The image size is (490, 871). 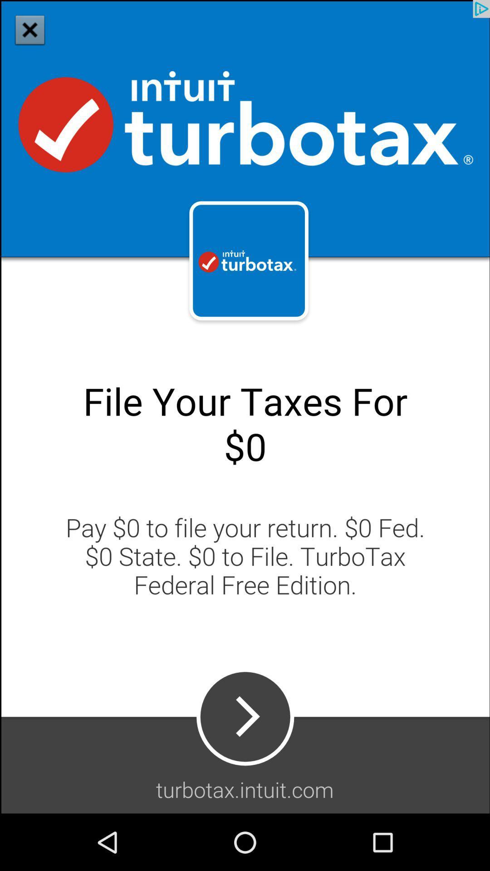 I want to click on the close icon, so click(x=29, y=29).